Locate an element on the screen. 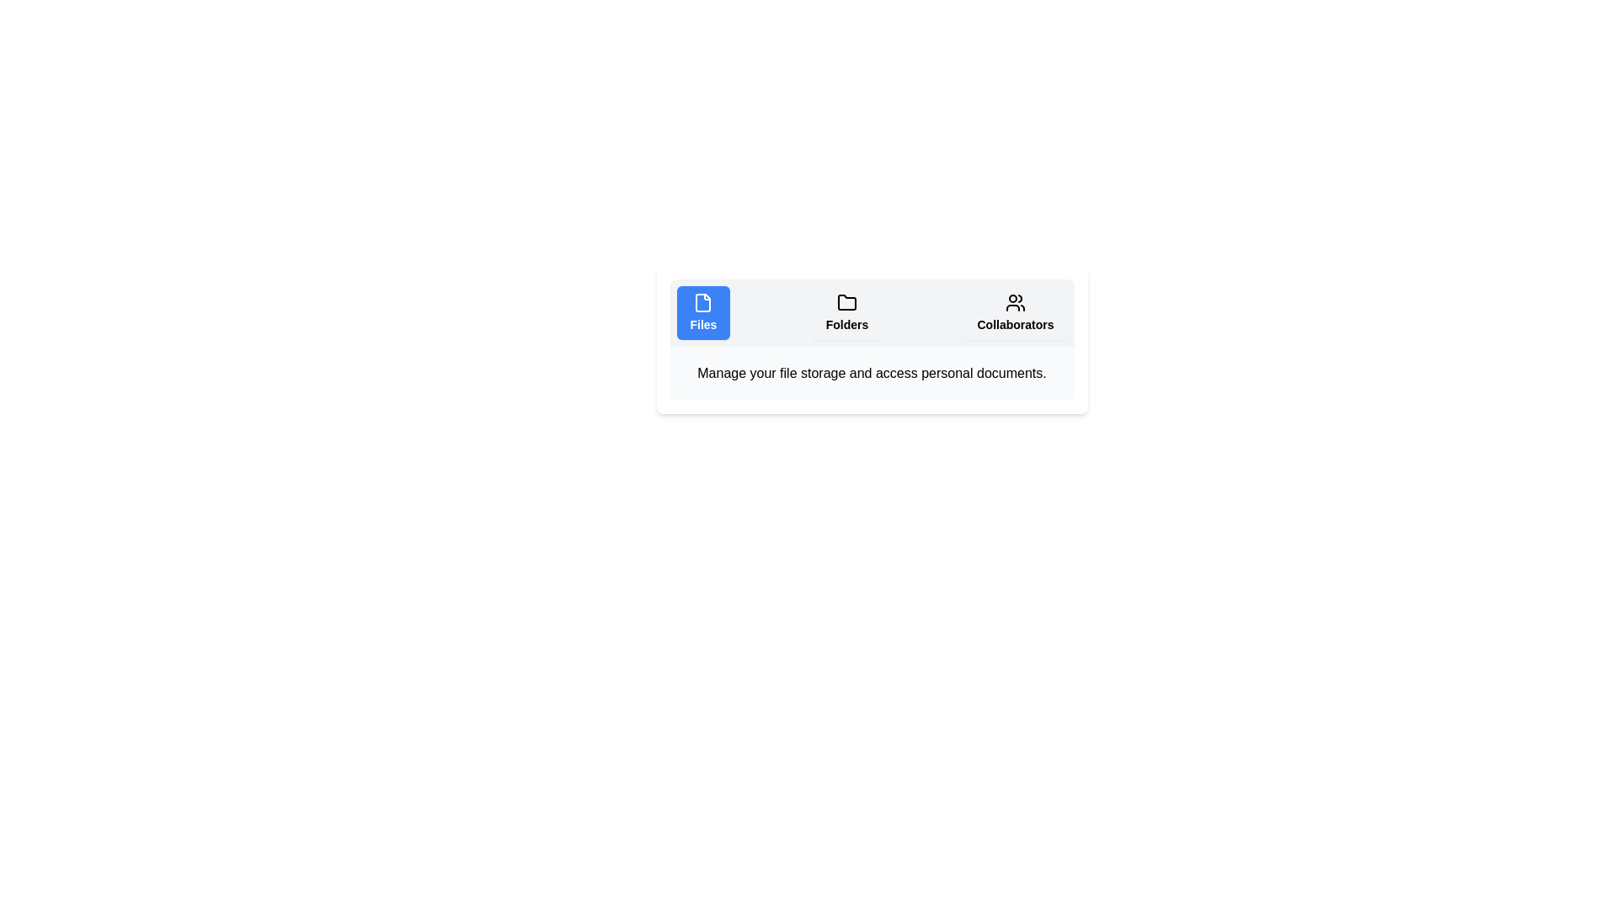  the Folders tab is located at coordinates (847, 312).